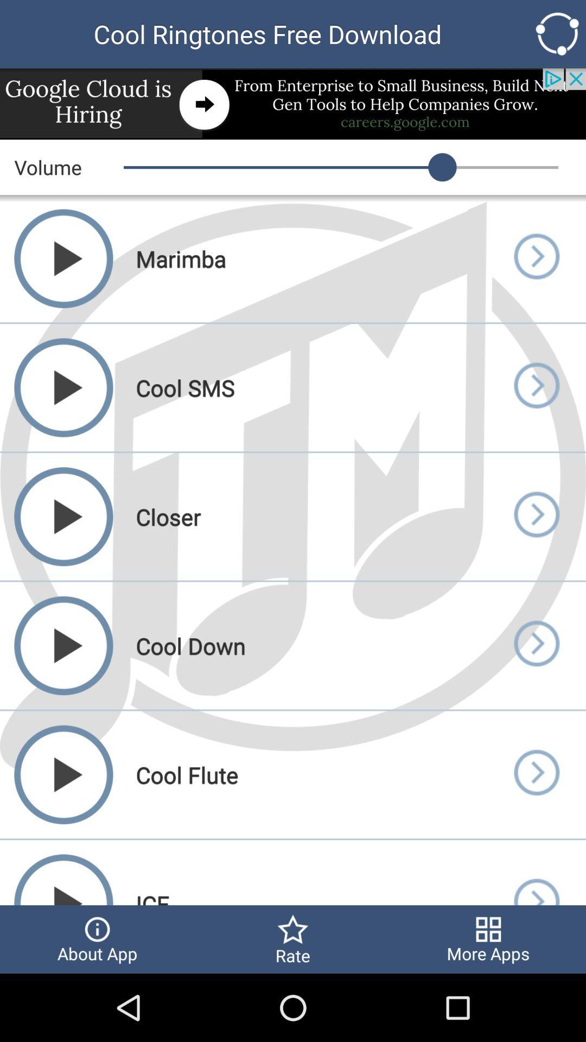 This screenshot has height=1042, width=586. I want to click on open button, so click(536, 258).